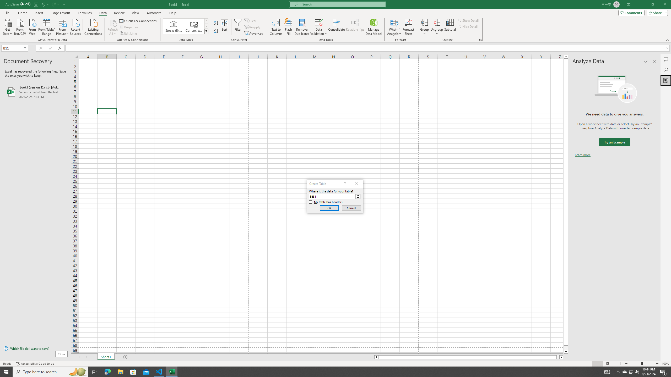  Describe the element at coordinates (63, 26) in the screenshot. I see `'From Picture'` at that location.